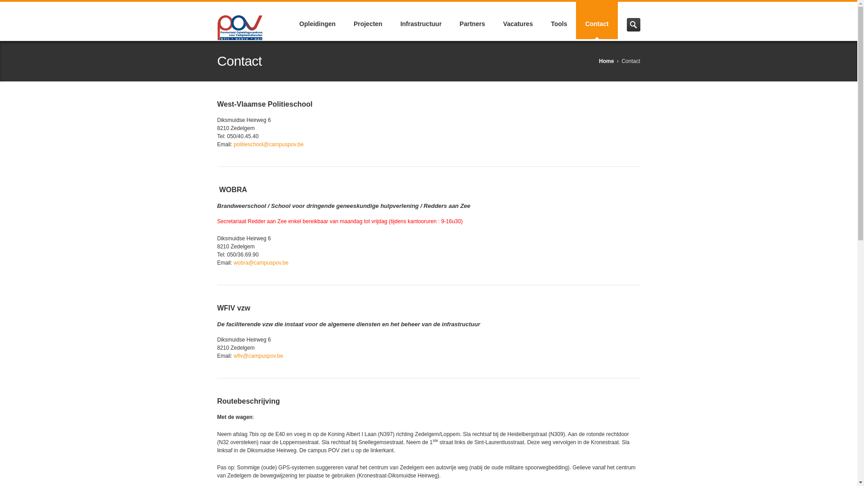 The image size is (864, 486). Describe the element at coordinates (596, 20) in the screenshot. I see `'Contact'` at that location.